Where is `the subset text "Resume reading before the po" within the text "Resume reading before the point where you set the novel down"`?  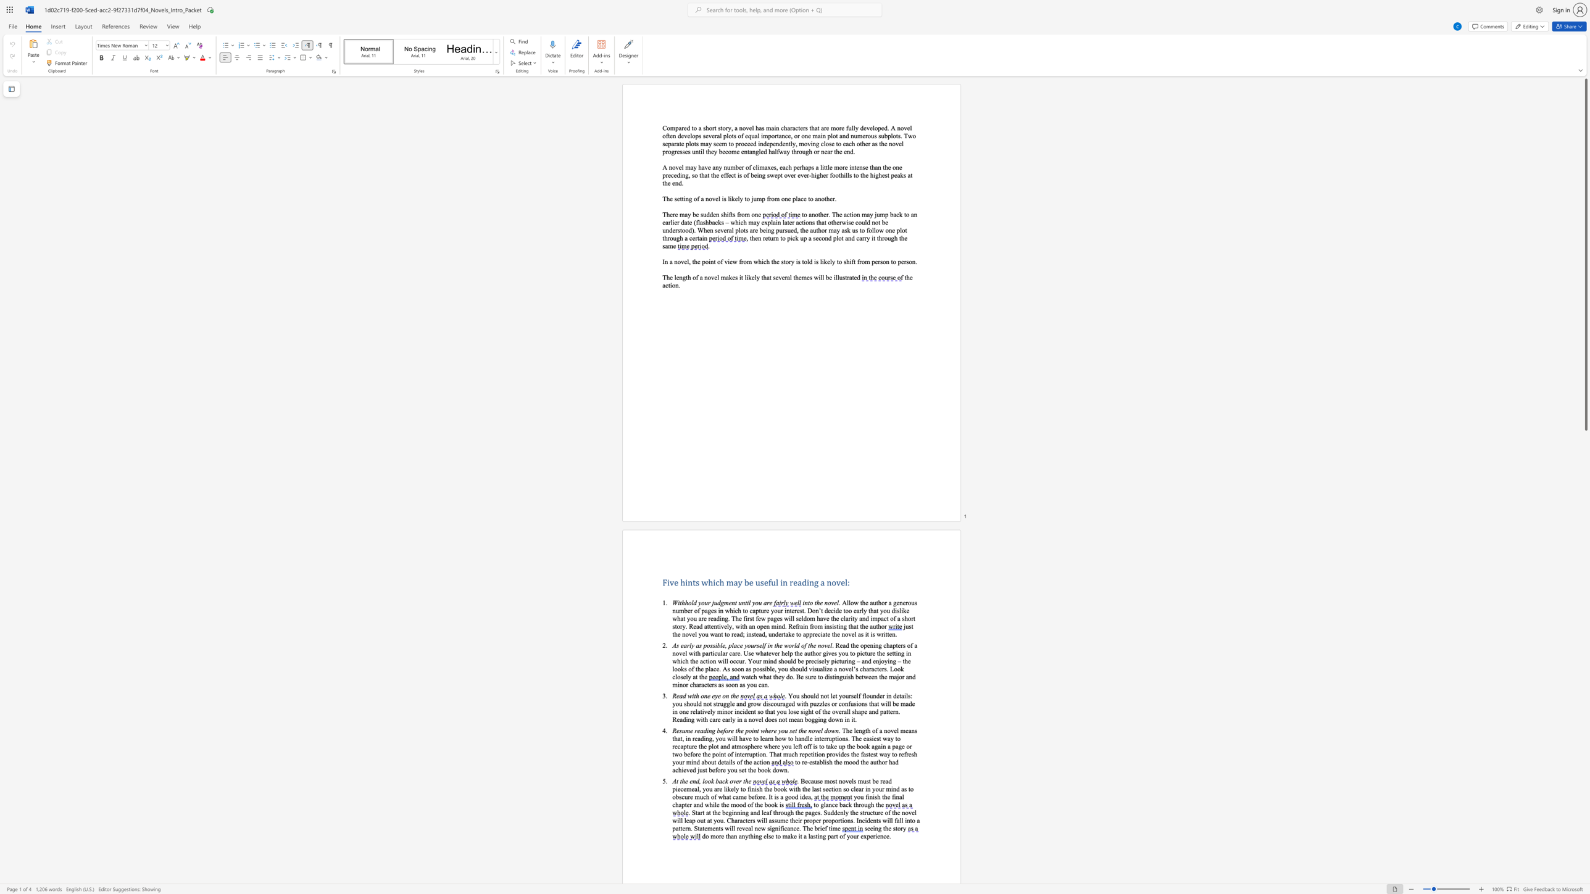
the subset text "Resume reading before the po" within the text "Resume reading before the point where you set the novel down" is located at coordinates (672, 730).